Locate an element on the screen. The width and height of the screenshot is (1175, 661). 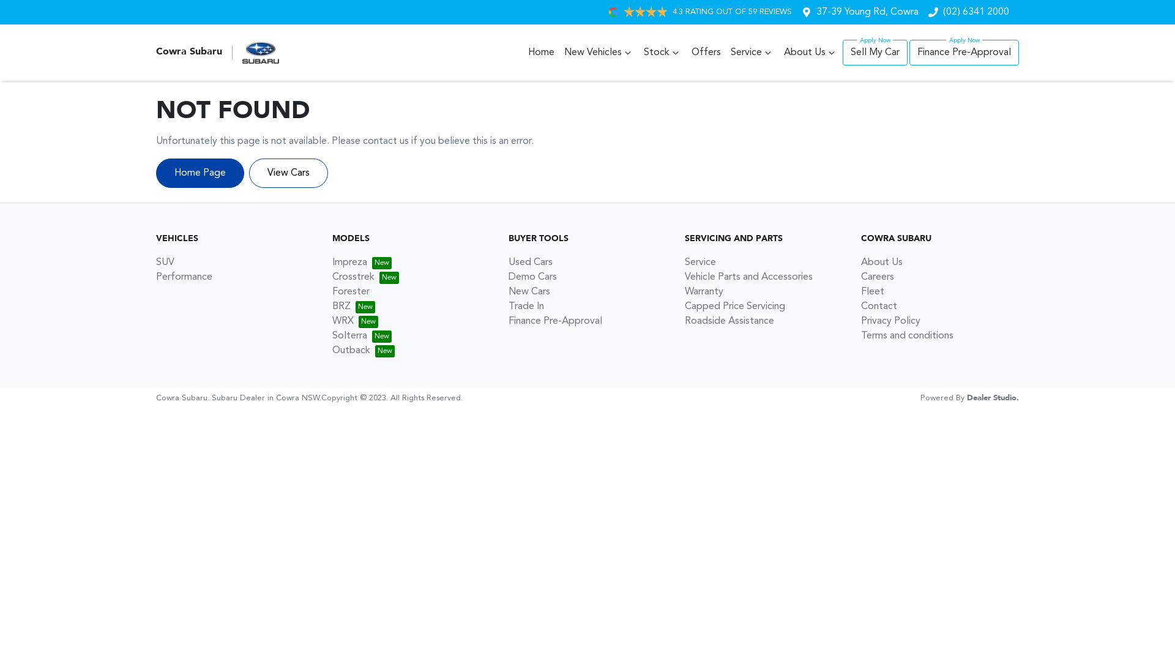
'Offers' is located at coordinates (706, 51).